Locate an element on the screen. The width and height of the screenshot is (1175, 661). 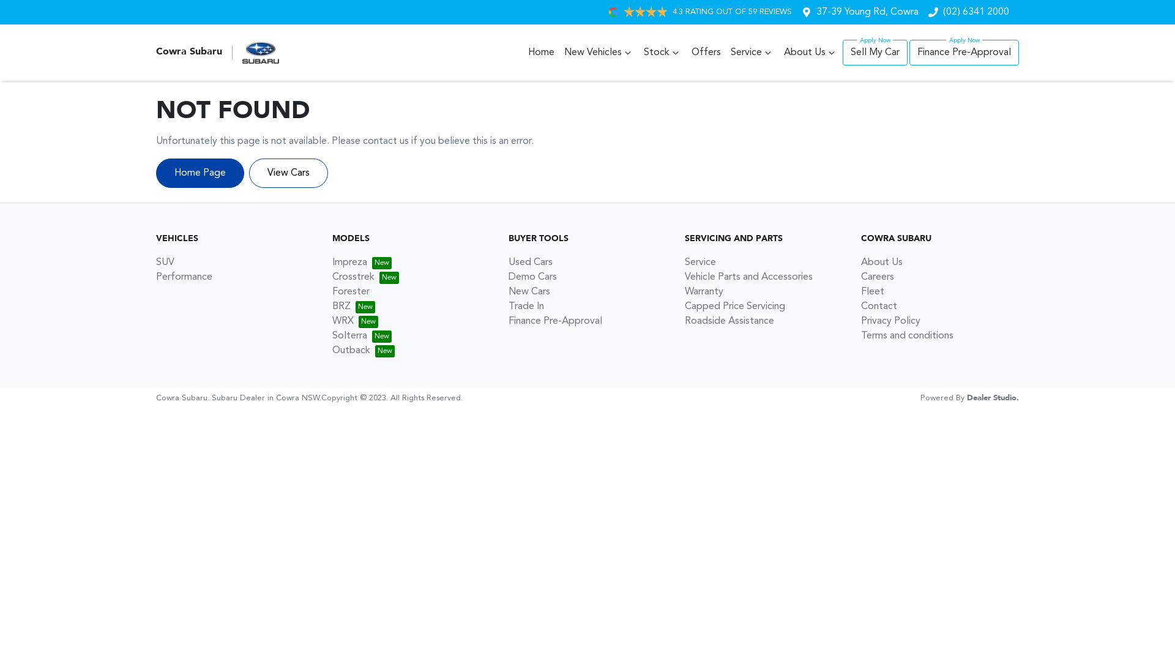
'Offers' is located at coordinates (706, 51).